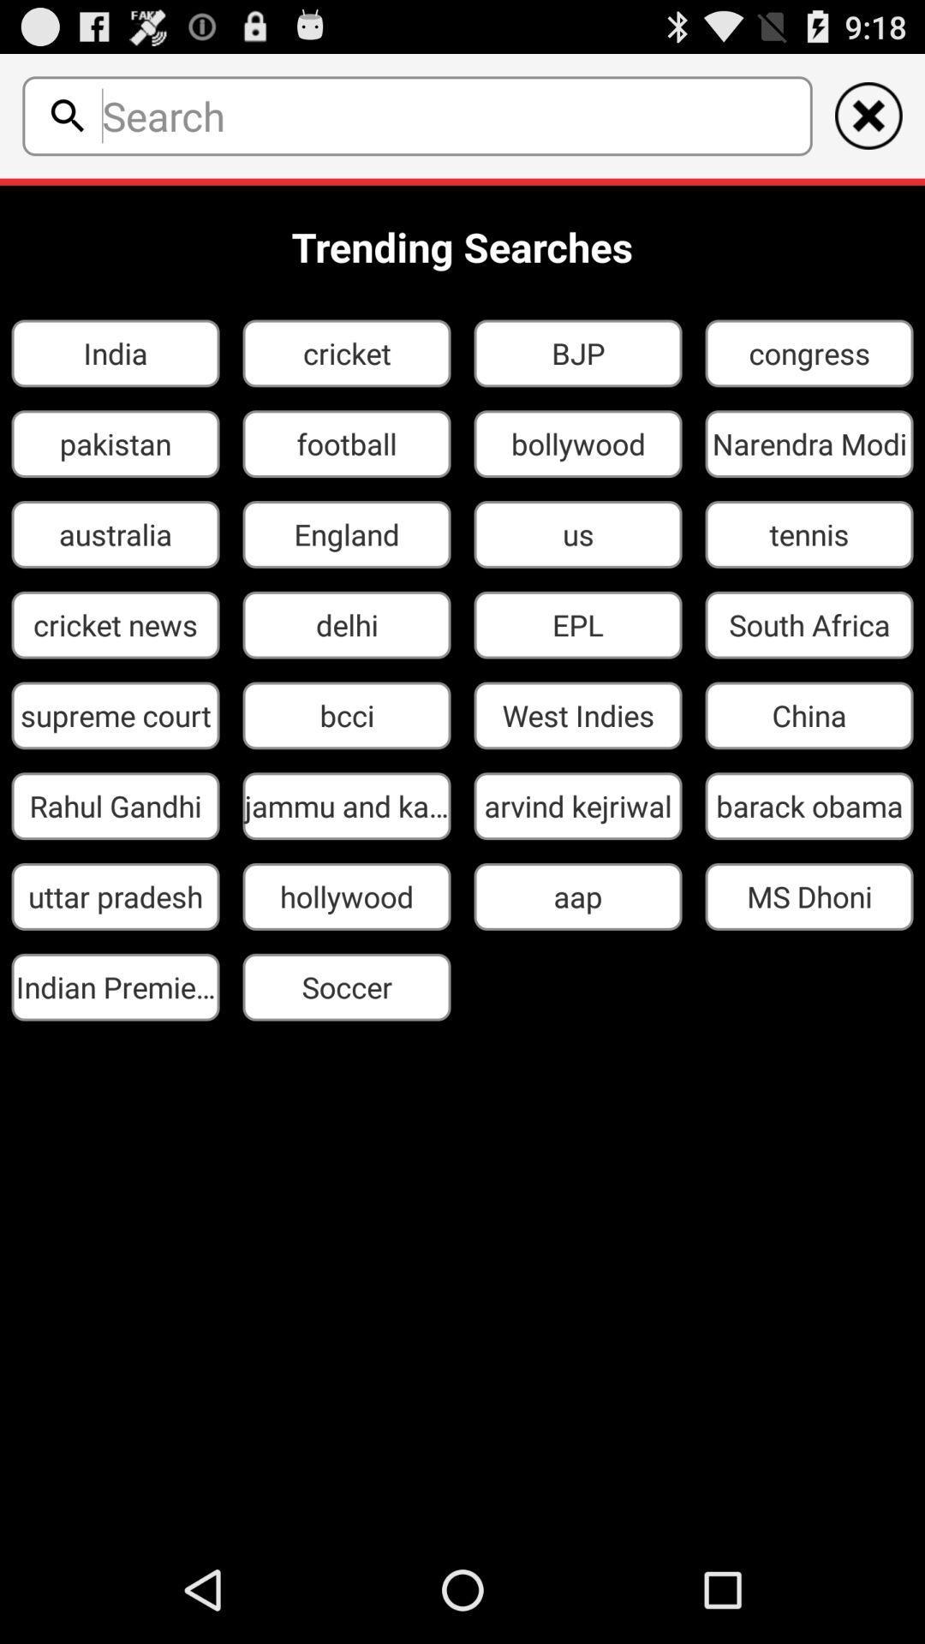 This screenshot has width=925, height=1644. I want to click on cancel search, so click(868, 115).